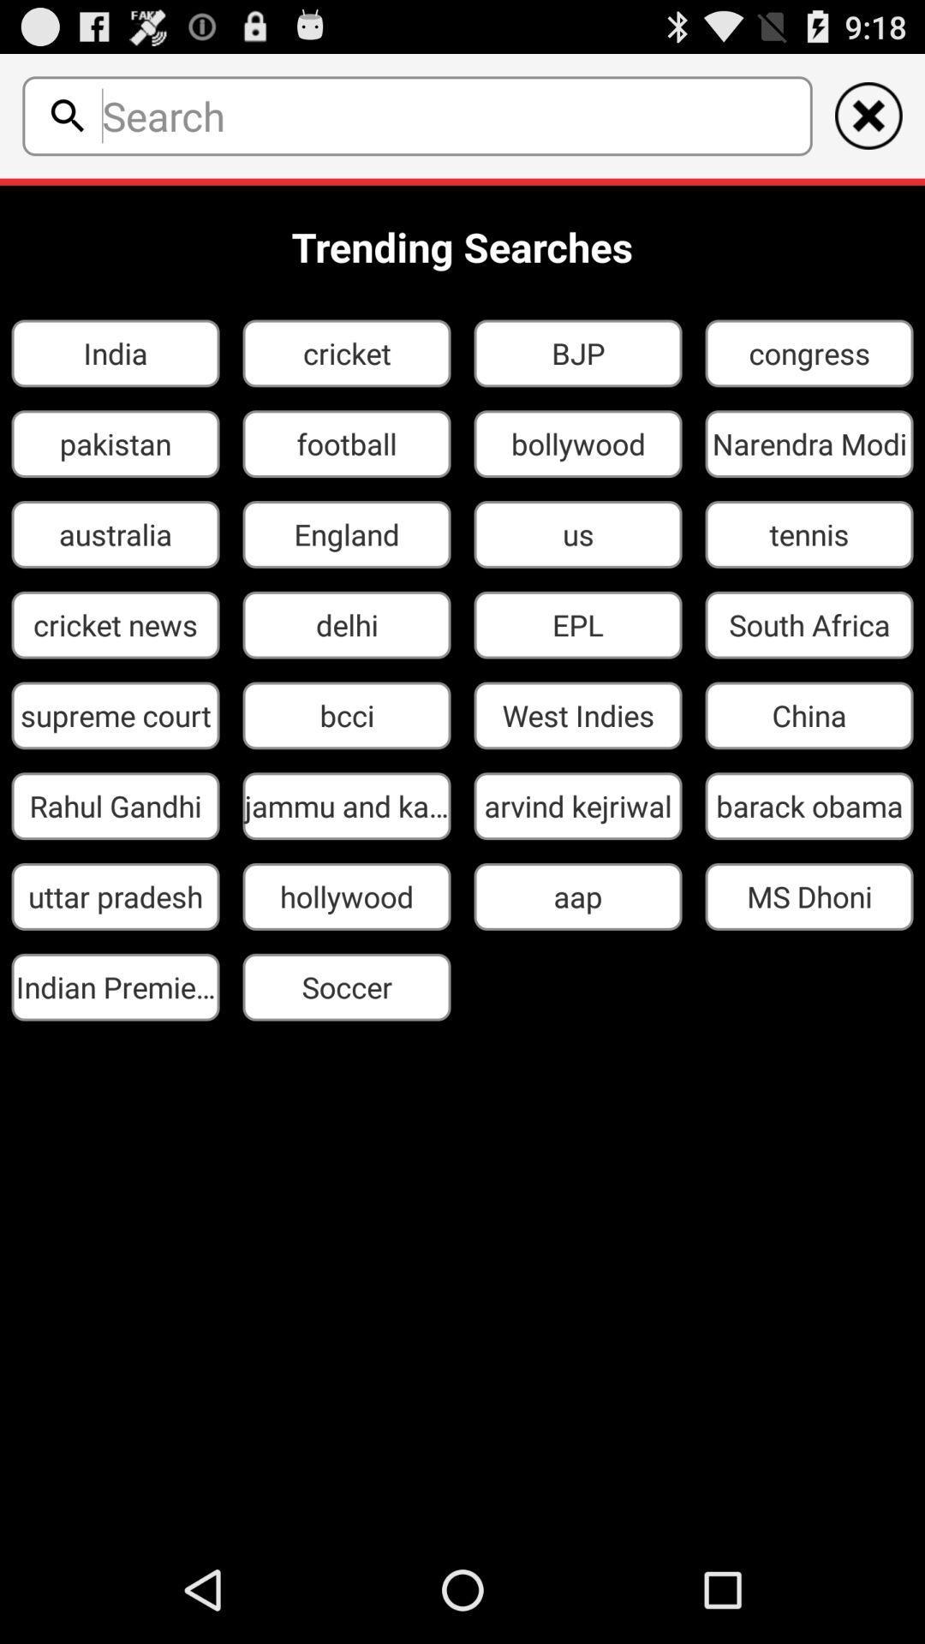 This screenshot has width=925, height=1644. I want to click on cancel search, so click(868, 115).